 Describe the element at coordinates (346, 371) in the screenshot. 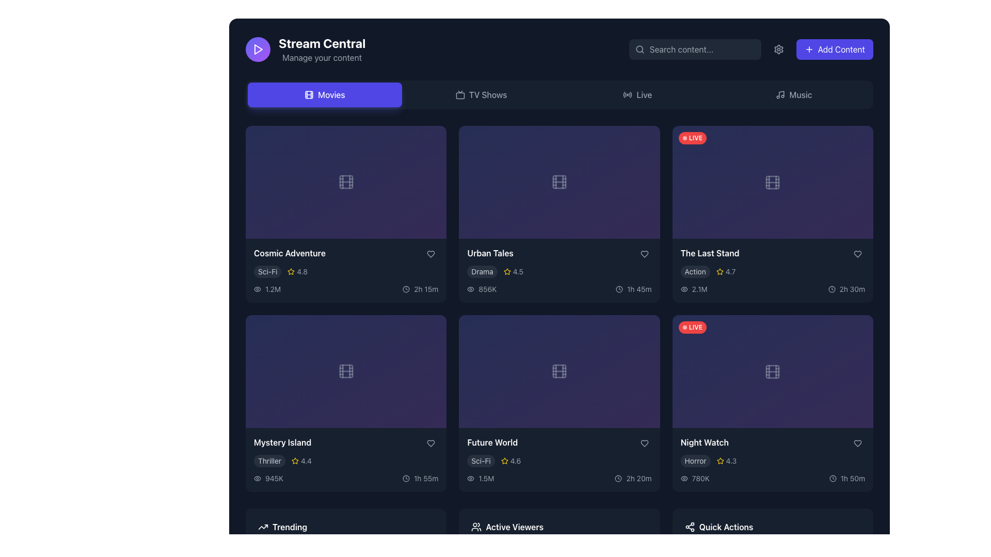

I see `the filmstrip icon styled in gray with a semi-transparent effect, located in the center of the rectangular area of the 'Mystery Island' card` at that location.